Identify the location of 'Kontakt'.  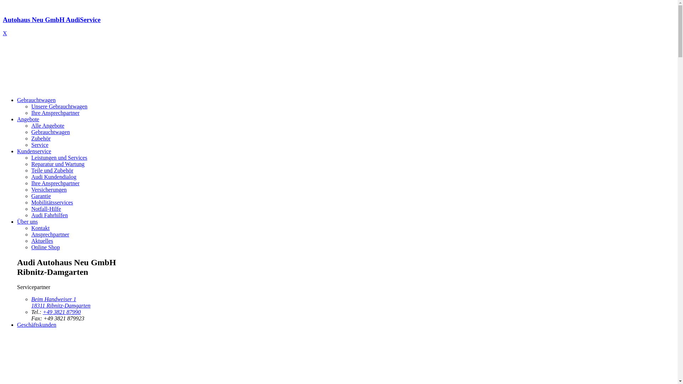
(40, 228).